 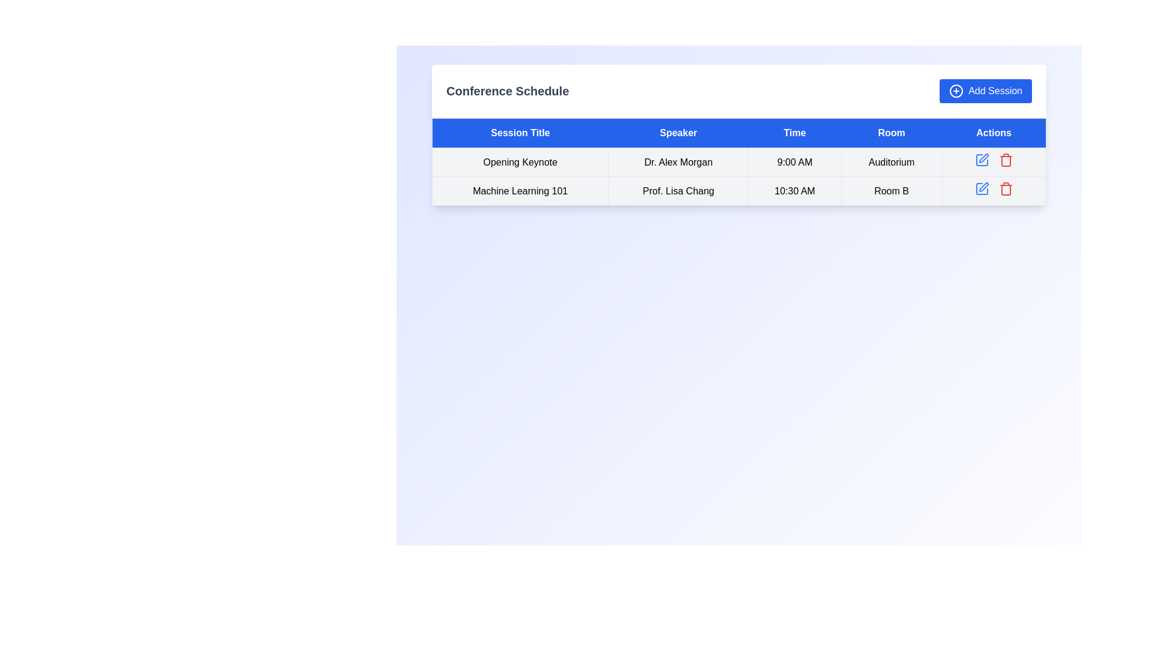 I want to click on the Text Label displaying 'Room B' in black font on a light grey background, located in the last column of the second row of the table under the 'Room' header, so click(x=892, y=190).